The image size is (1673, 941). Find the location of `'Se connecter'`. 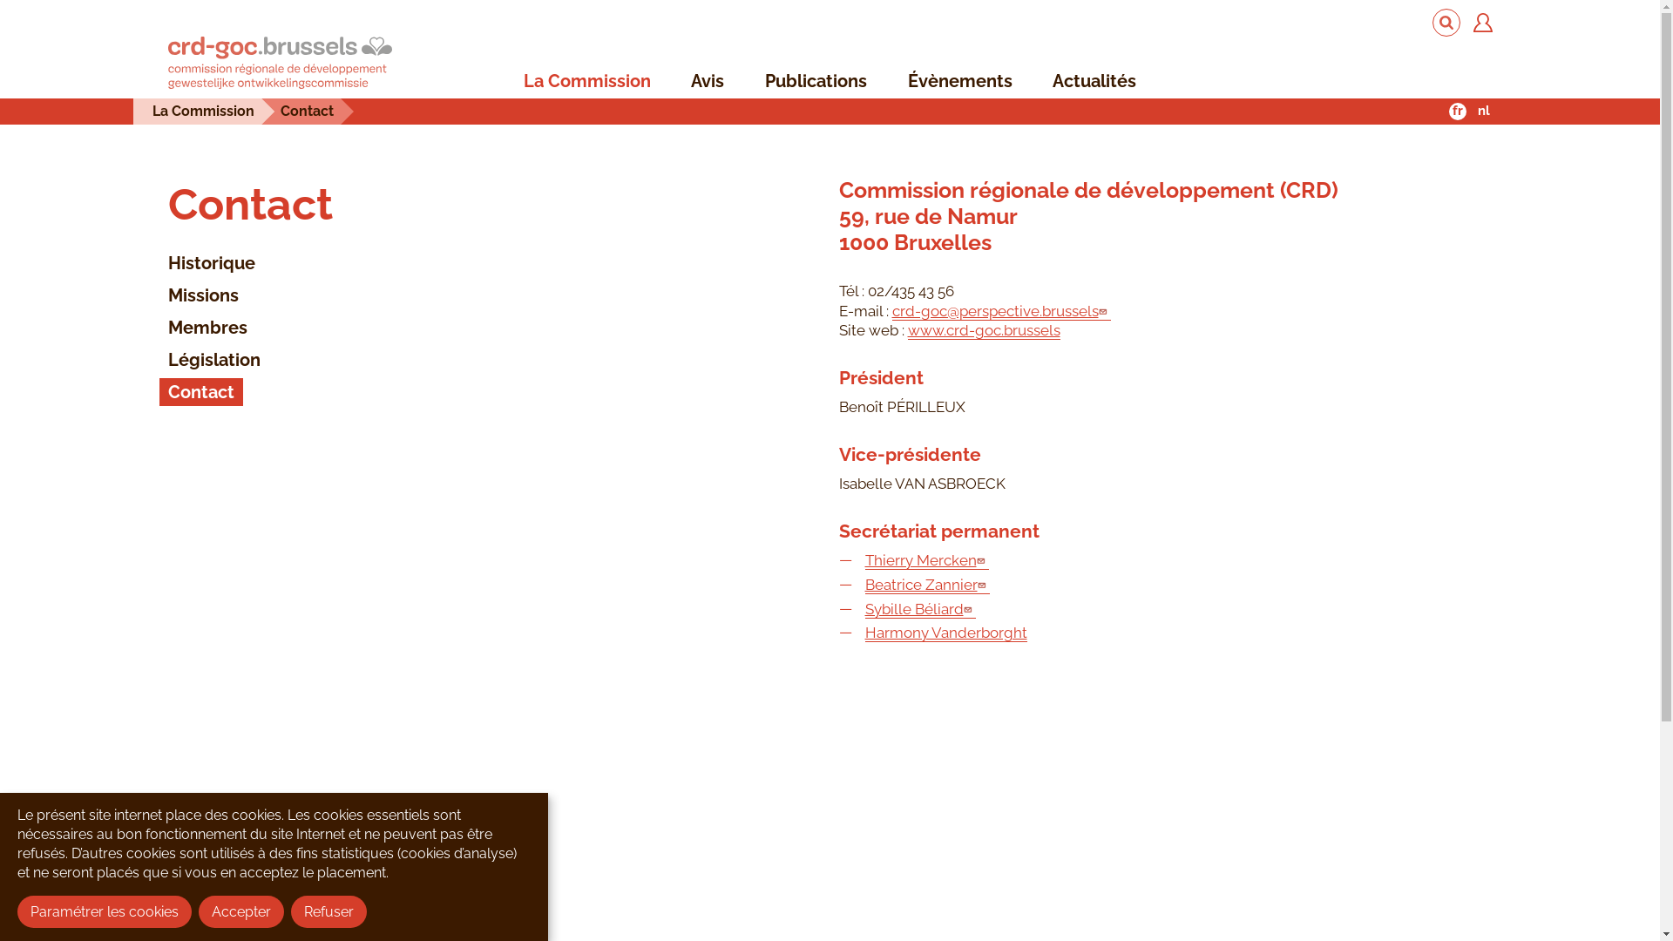

'Se connecter' is located at coordinates (1471, 23).